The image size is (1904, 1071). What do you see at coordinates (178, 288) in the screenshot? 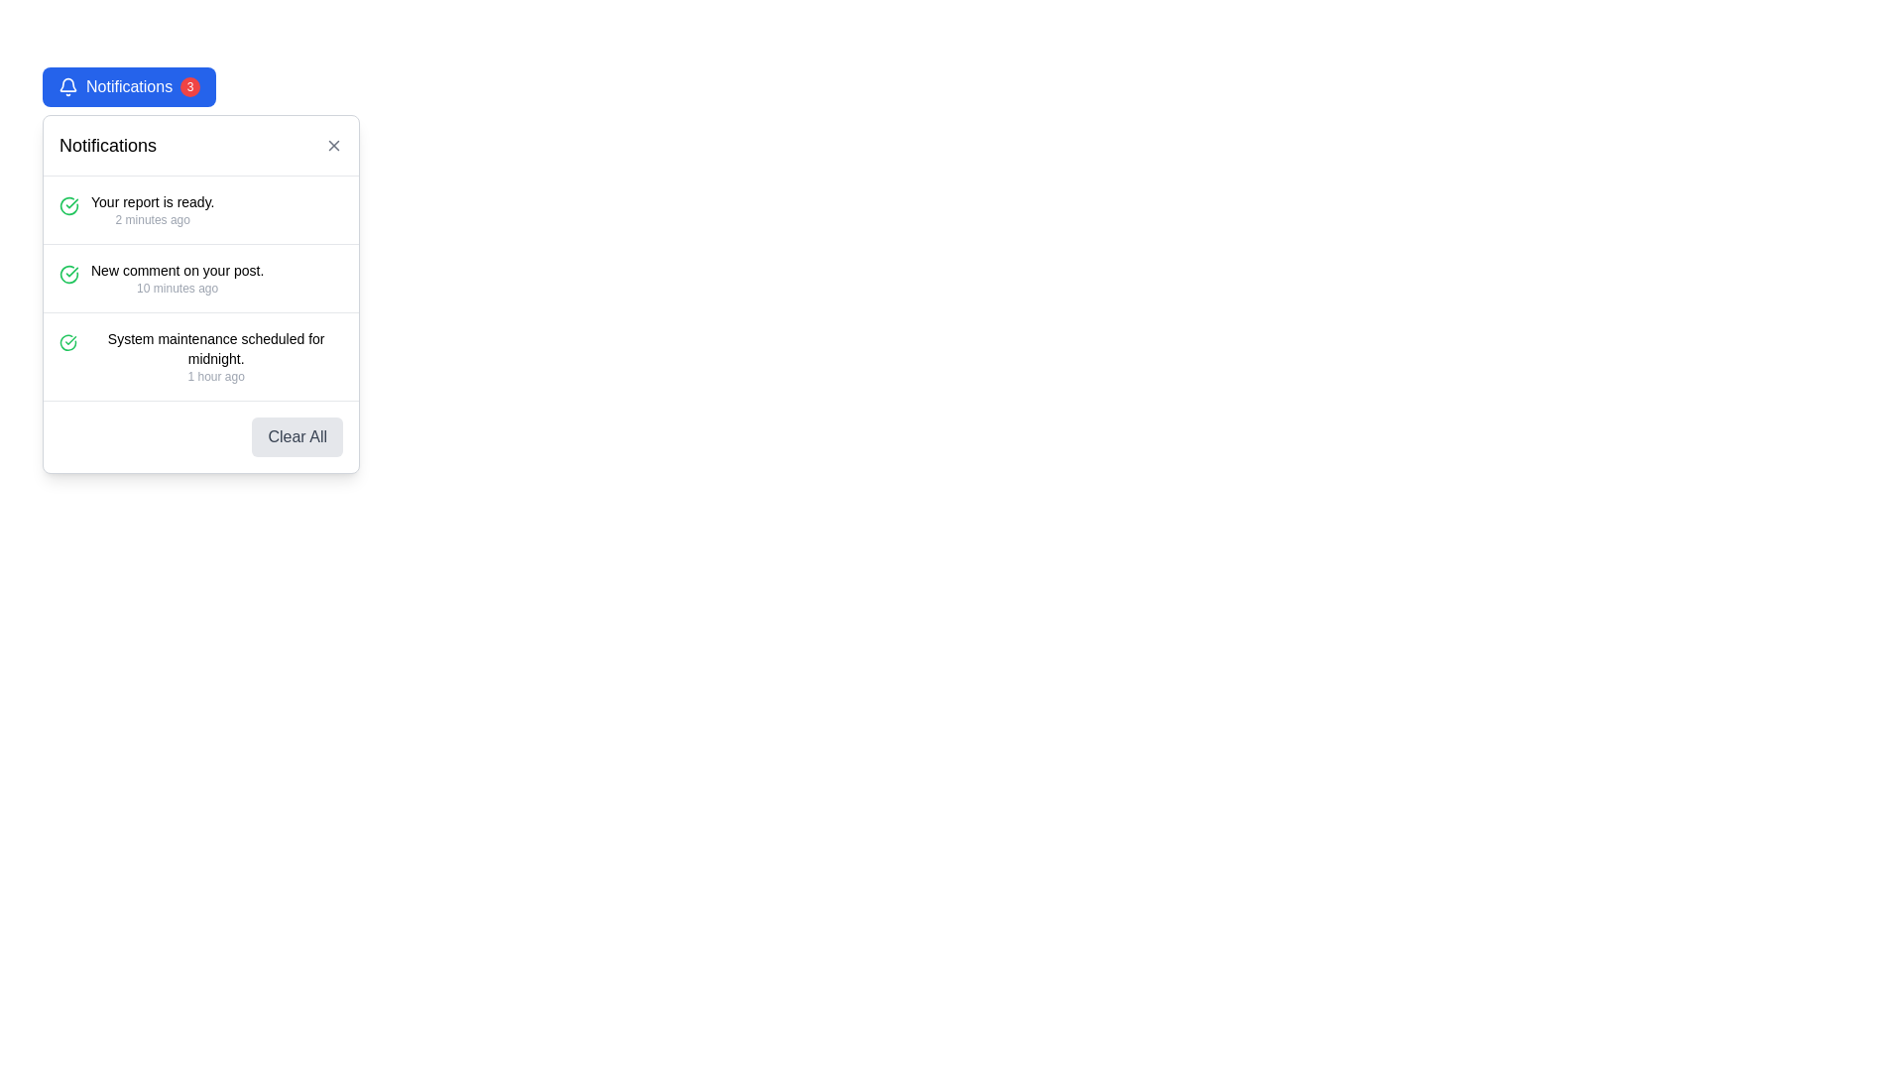
I see `timestamp displayed underneath the phrase 'New comment on your post.' within the notification box` at bounding box center [178, 288].